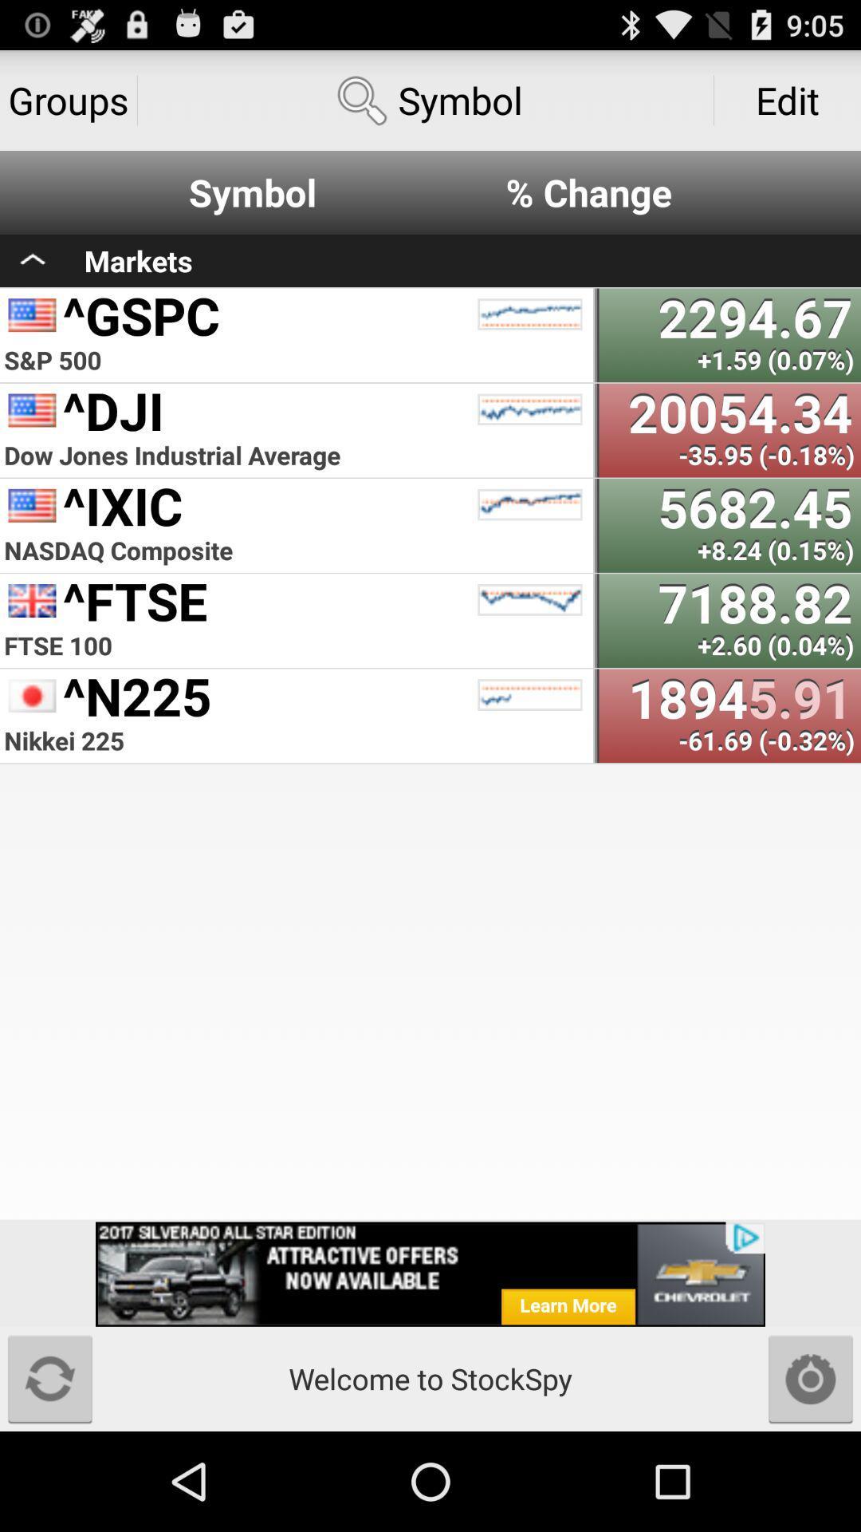  What do you see at coordinates (431, 1273) in the screenshot?
I see `visit the advertisement site` at bounding box center [431, 1273].